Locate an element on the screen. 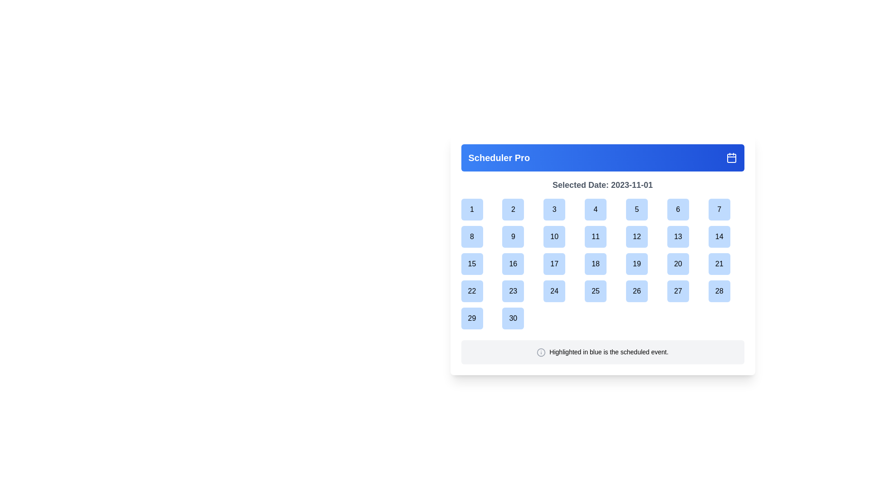 This screenshot has height=490, width=871. the square button labeled '19' with a blue background is located at coordinates (636, 264).